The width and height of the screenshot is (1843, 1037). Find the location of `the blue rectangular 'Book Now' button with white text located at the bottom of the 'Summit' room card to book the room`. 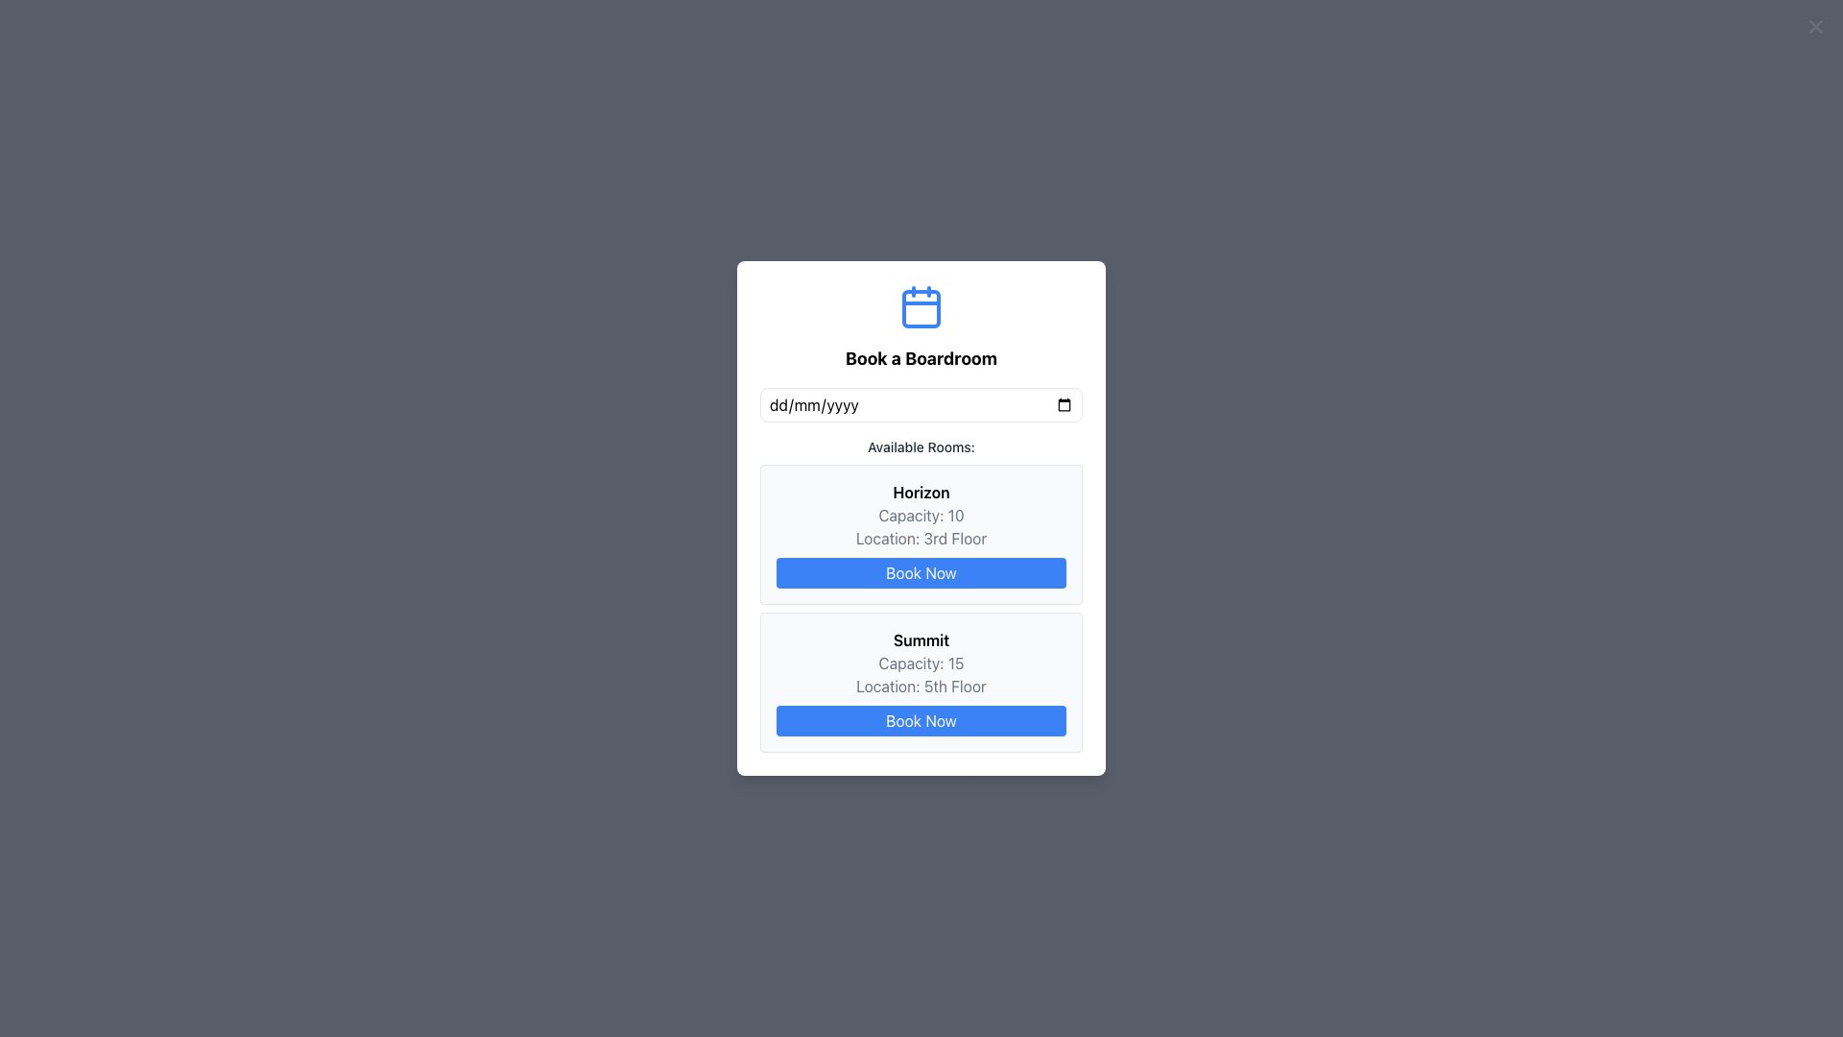

the blue rectangular 'Book Now' button with white text located at the bottom of the 'Summit' room card to book the room is located at coordinates (921, 721).